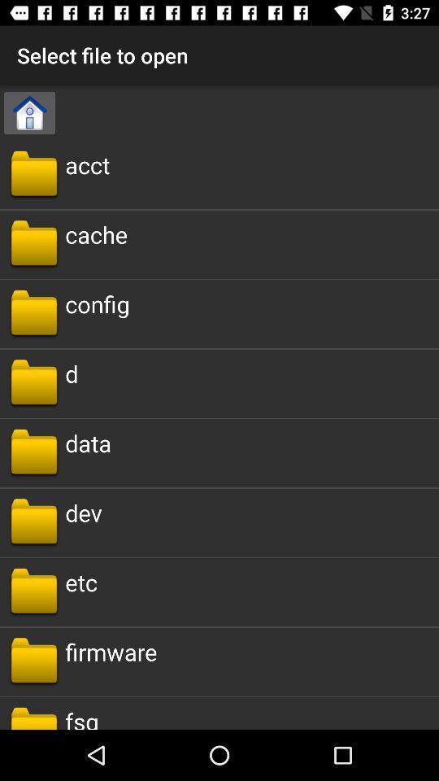 The height and width of the screenshot is (781, 439). I want to click on etc, so click(80, 582).